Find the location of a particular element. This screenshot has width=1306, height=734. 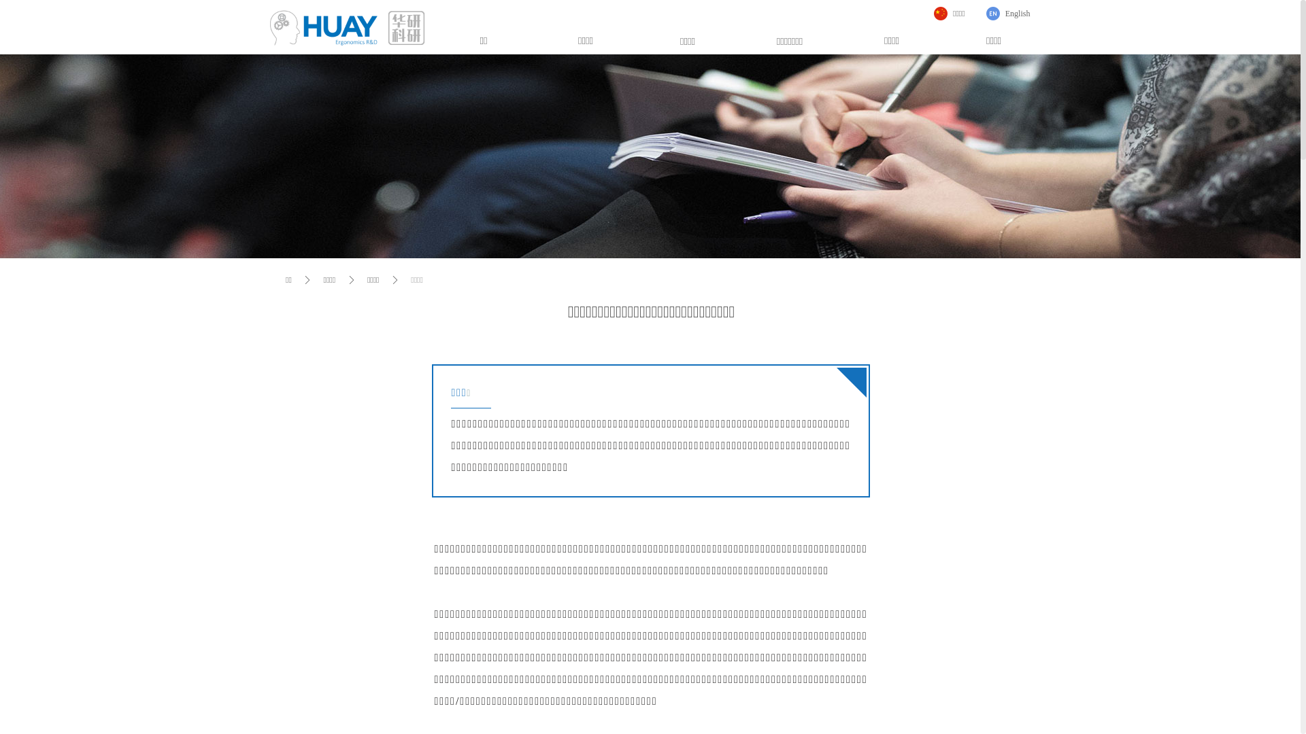

'English' is located at coordinates (1008, 13).